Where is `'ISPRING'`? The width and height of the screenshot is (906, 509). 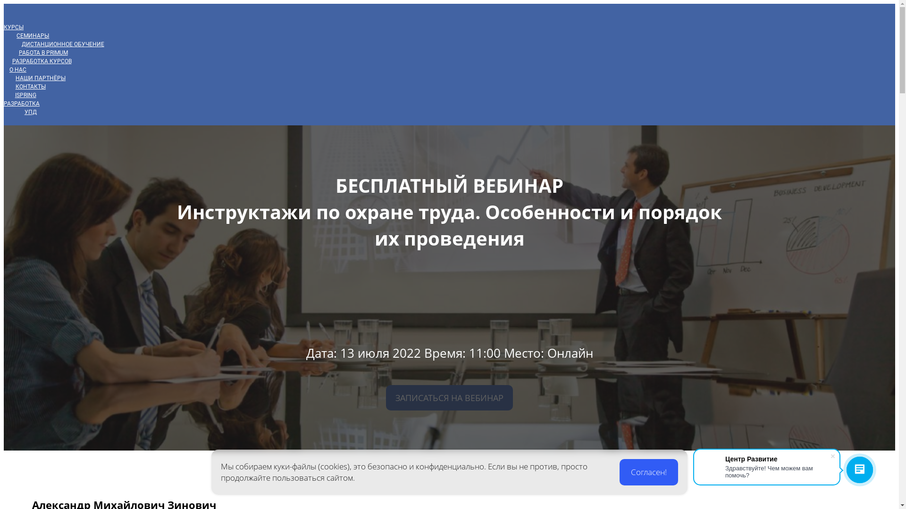 'ISPRING' is located at coordinates (25, 95).